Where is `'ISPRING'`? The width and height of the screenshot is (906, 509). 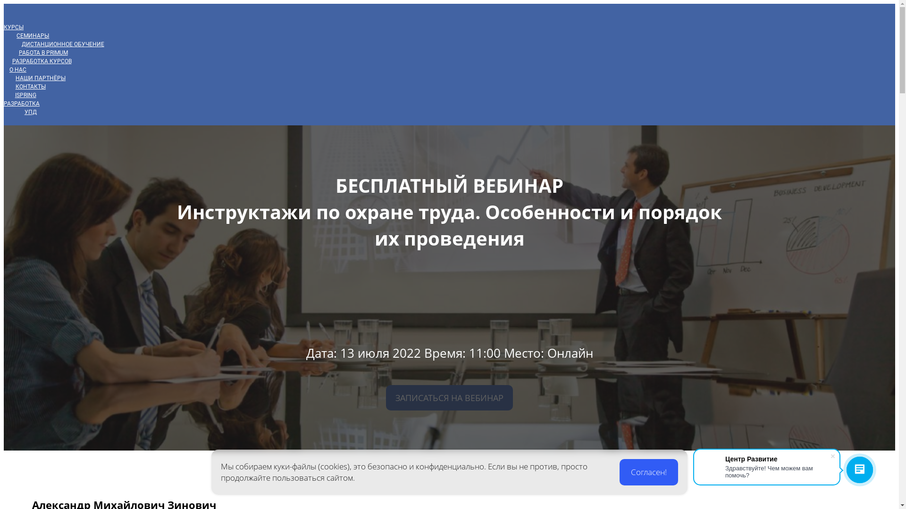 'ISPRING' is located at coordinates (25, 95).